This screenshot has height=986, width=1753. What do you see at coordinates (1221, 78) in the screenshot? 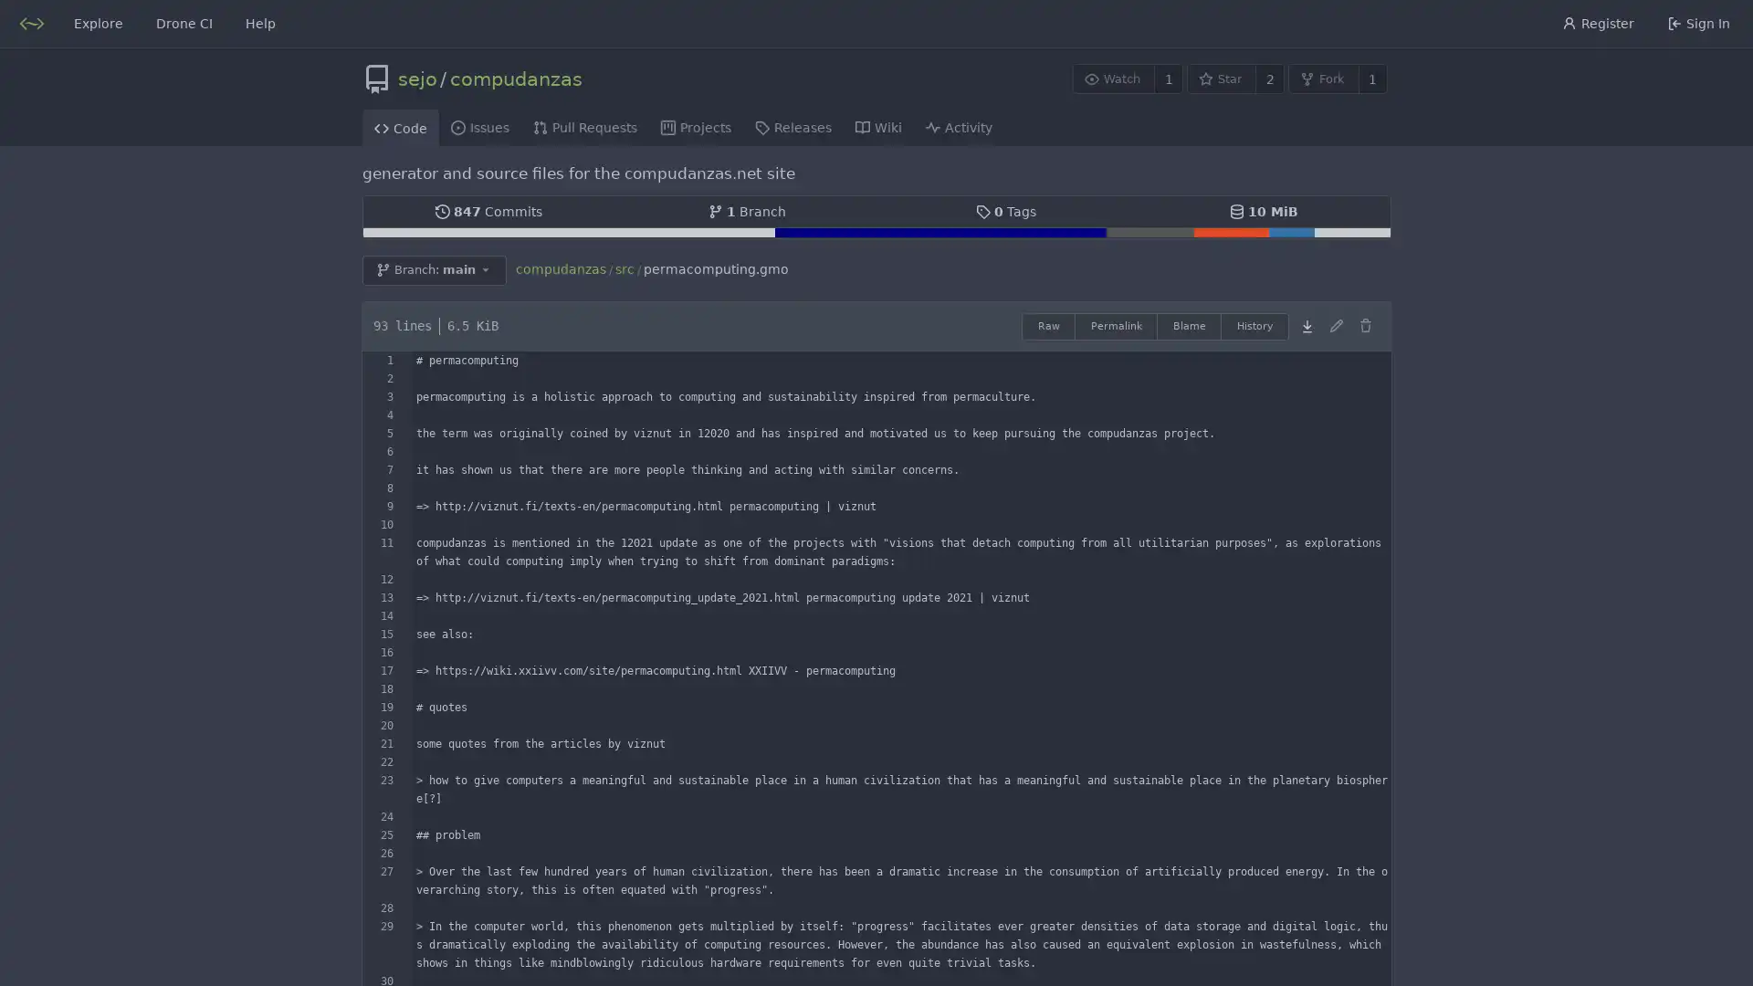
I see `Star` at bounding box center [1221, 78].